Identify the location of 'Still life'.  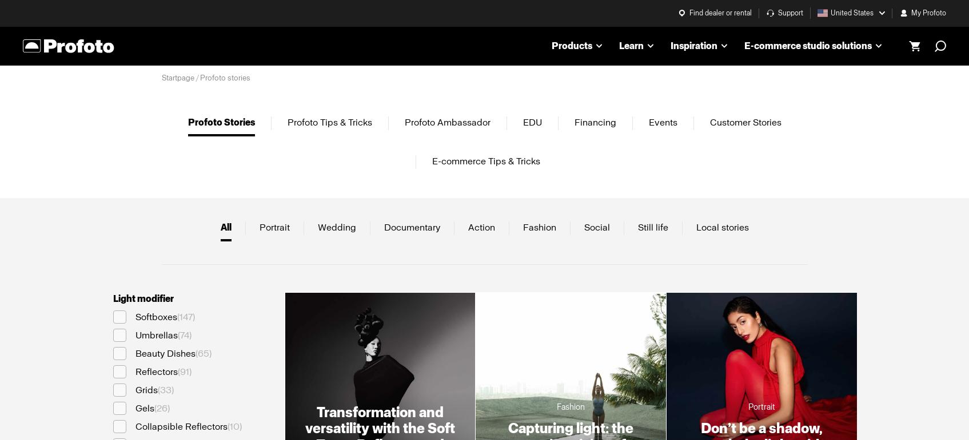
(636, 226).